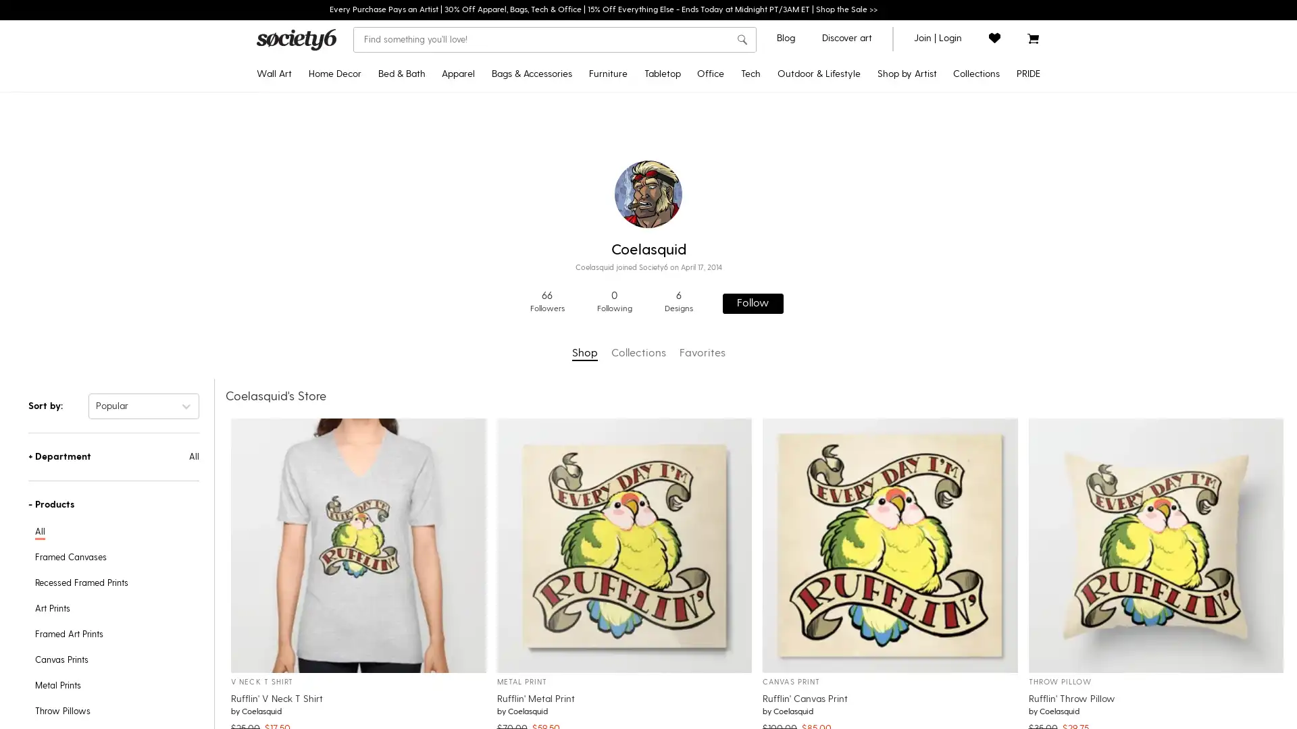 This screenshot has height=729, width=1297. Describe the element at coordinates (798, 281) in the screenshot. I see `Laptop Sleeves` at that location.